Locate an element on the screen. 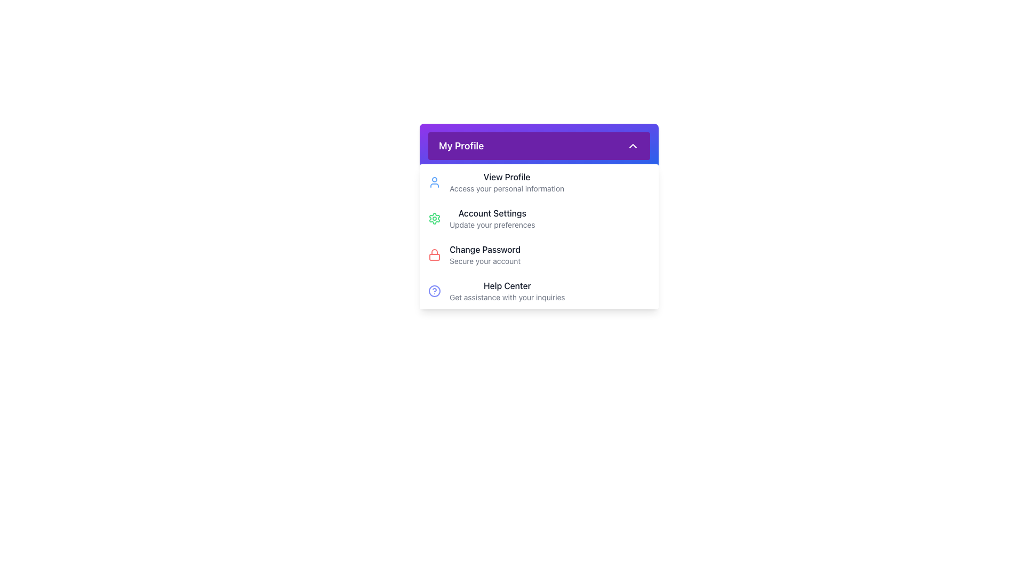  the first entry in the dropdown menu under the 'My Profile' header is located at coordinates (539, 182).